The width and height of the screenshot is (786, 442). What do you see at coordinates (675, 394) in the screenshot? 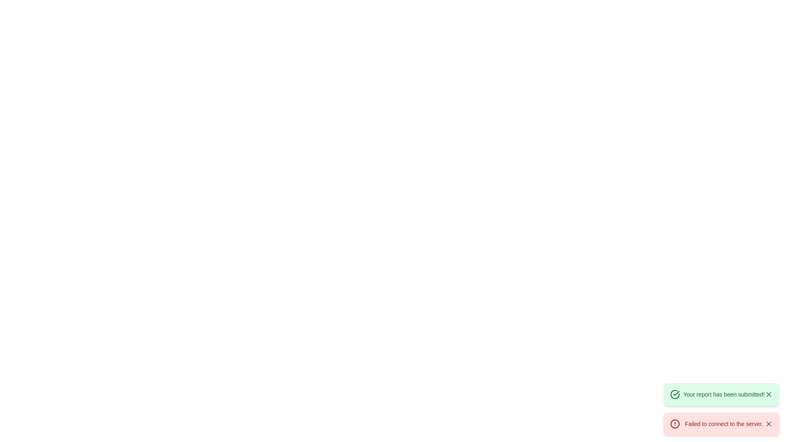
I see `the circular boundary of the checkmark icon to utilize its functionality` at bounding box center [675, 394].